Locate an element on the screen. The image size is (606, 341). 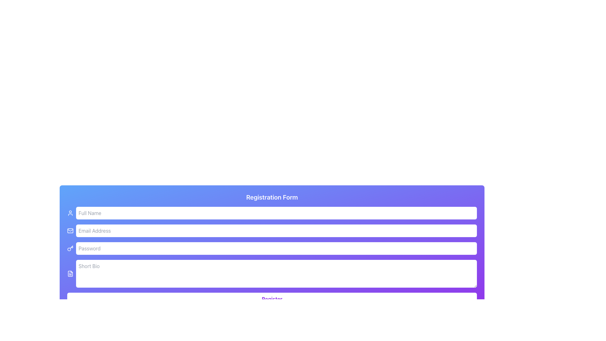
the password input field in the registration form to focus on it for password entry is located at coordinates (272, 248).